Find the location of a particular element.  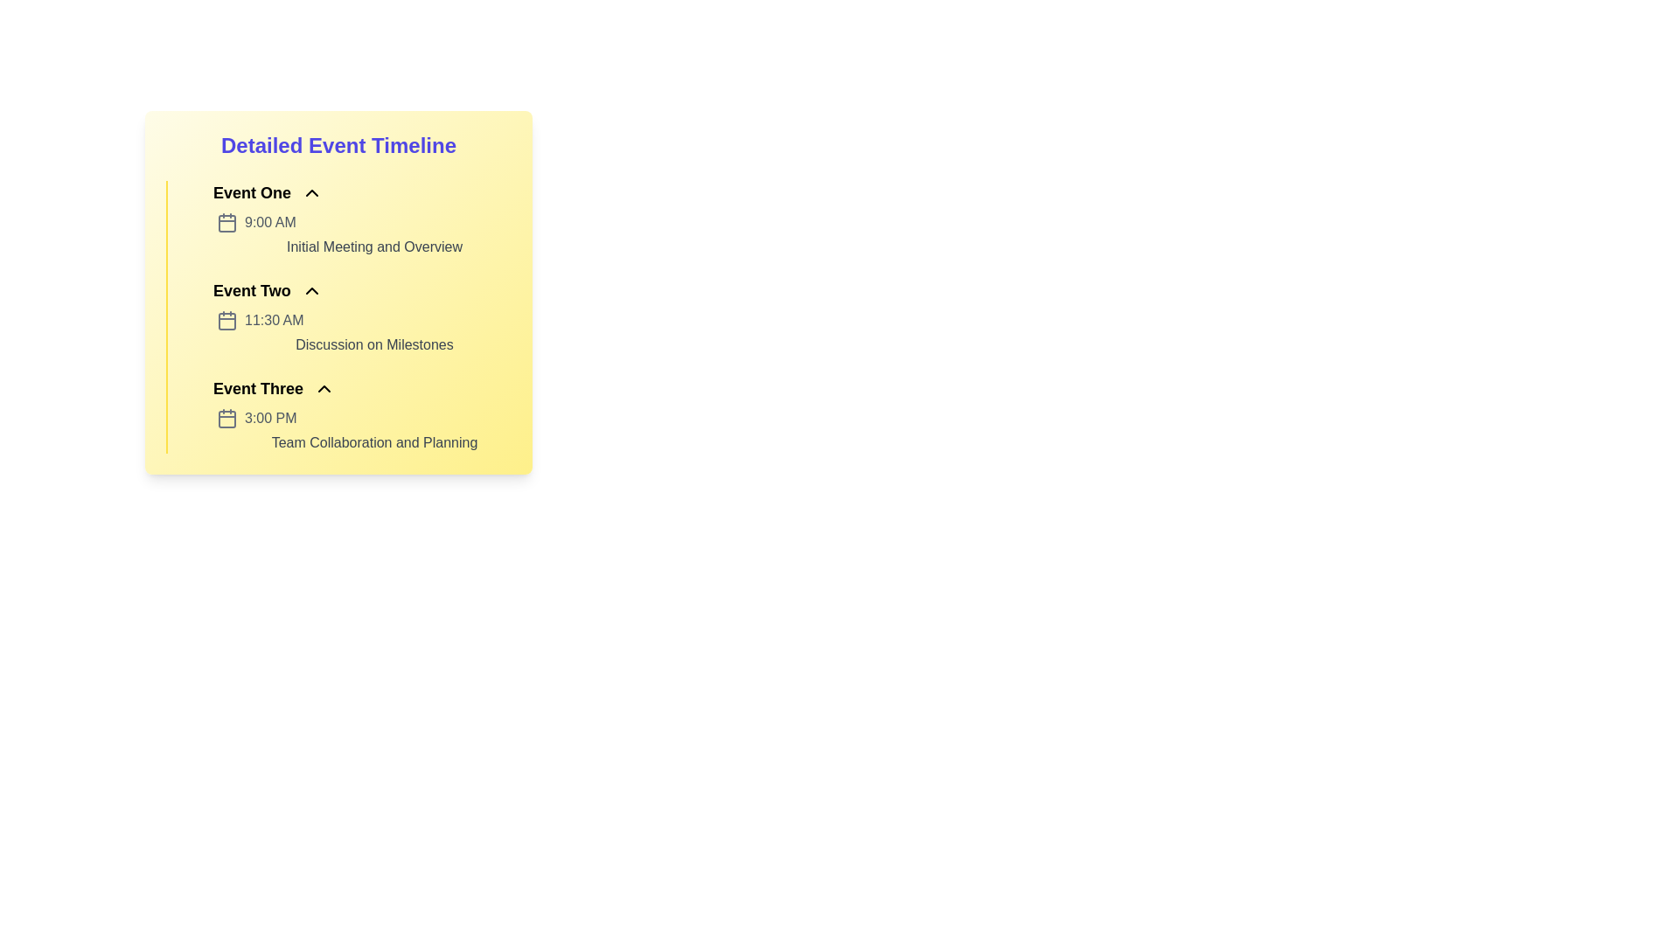

the second event label in the timeline, which serves as a header for related details, positioned below 'Event One' and above 'Event Three' is located at coordinates (251, 289).